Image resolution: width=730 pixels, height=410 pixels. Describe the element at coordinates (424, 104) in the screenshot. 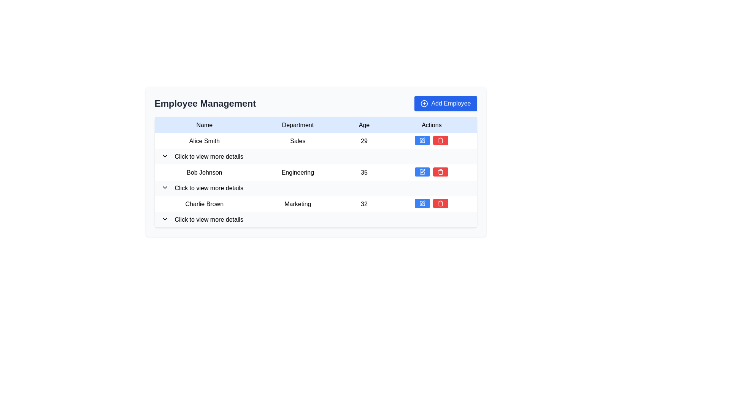

I see `the circular decorative icon within the 'Add Employee' button located at the top-right corner of the application interface` at that location.